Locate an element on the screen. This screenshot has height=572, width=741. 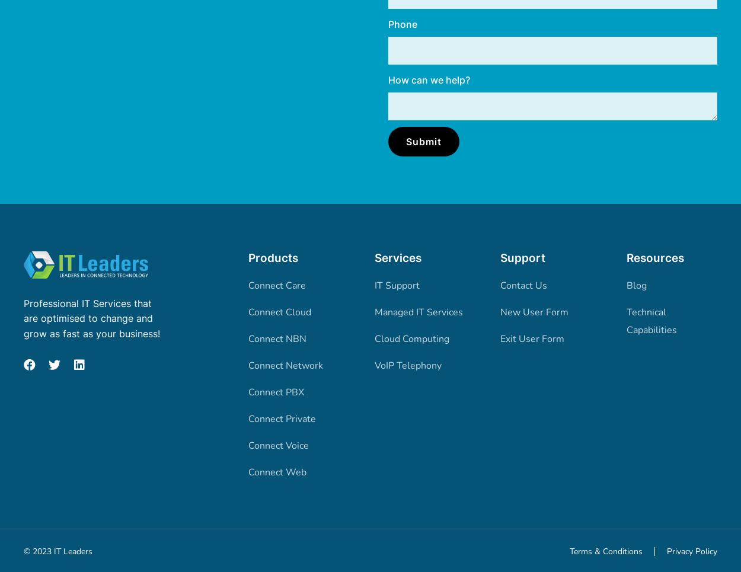
'Submit' is located at coordinates (423, 140).